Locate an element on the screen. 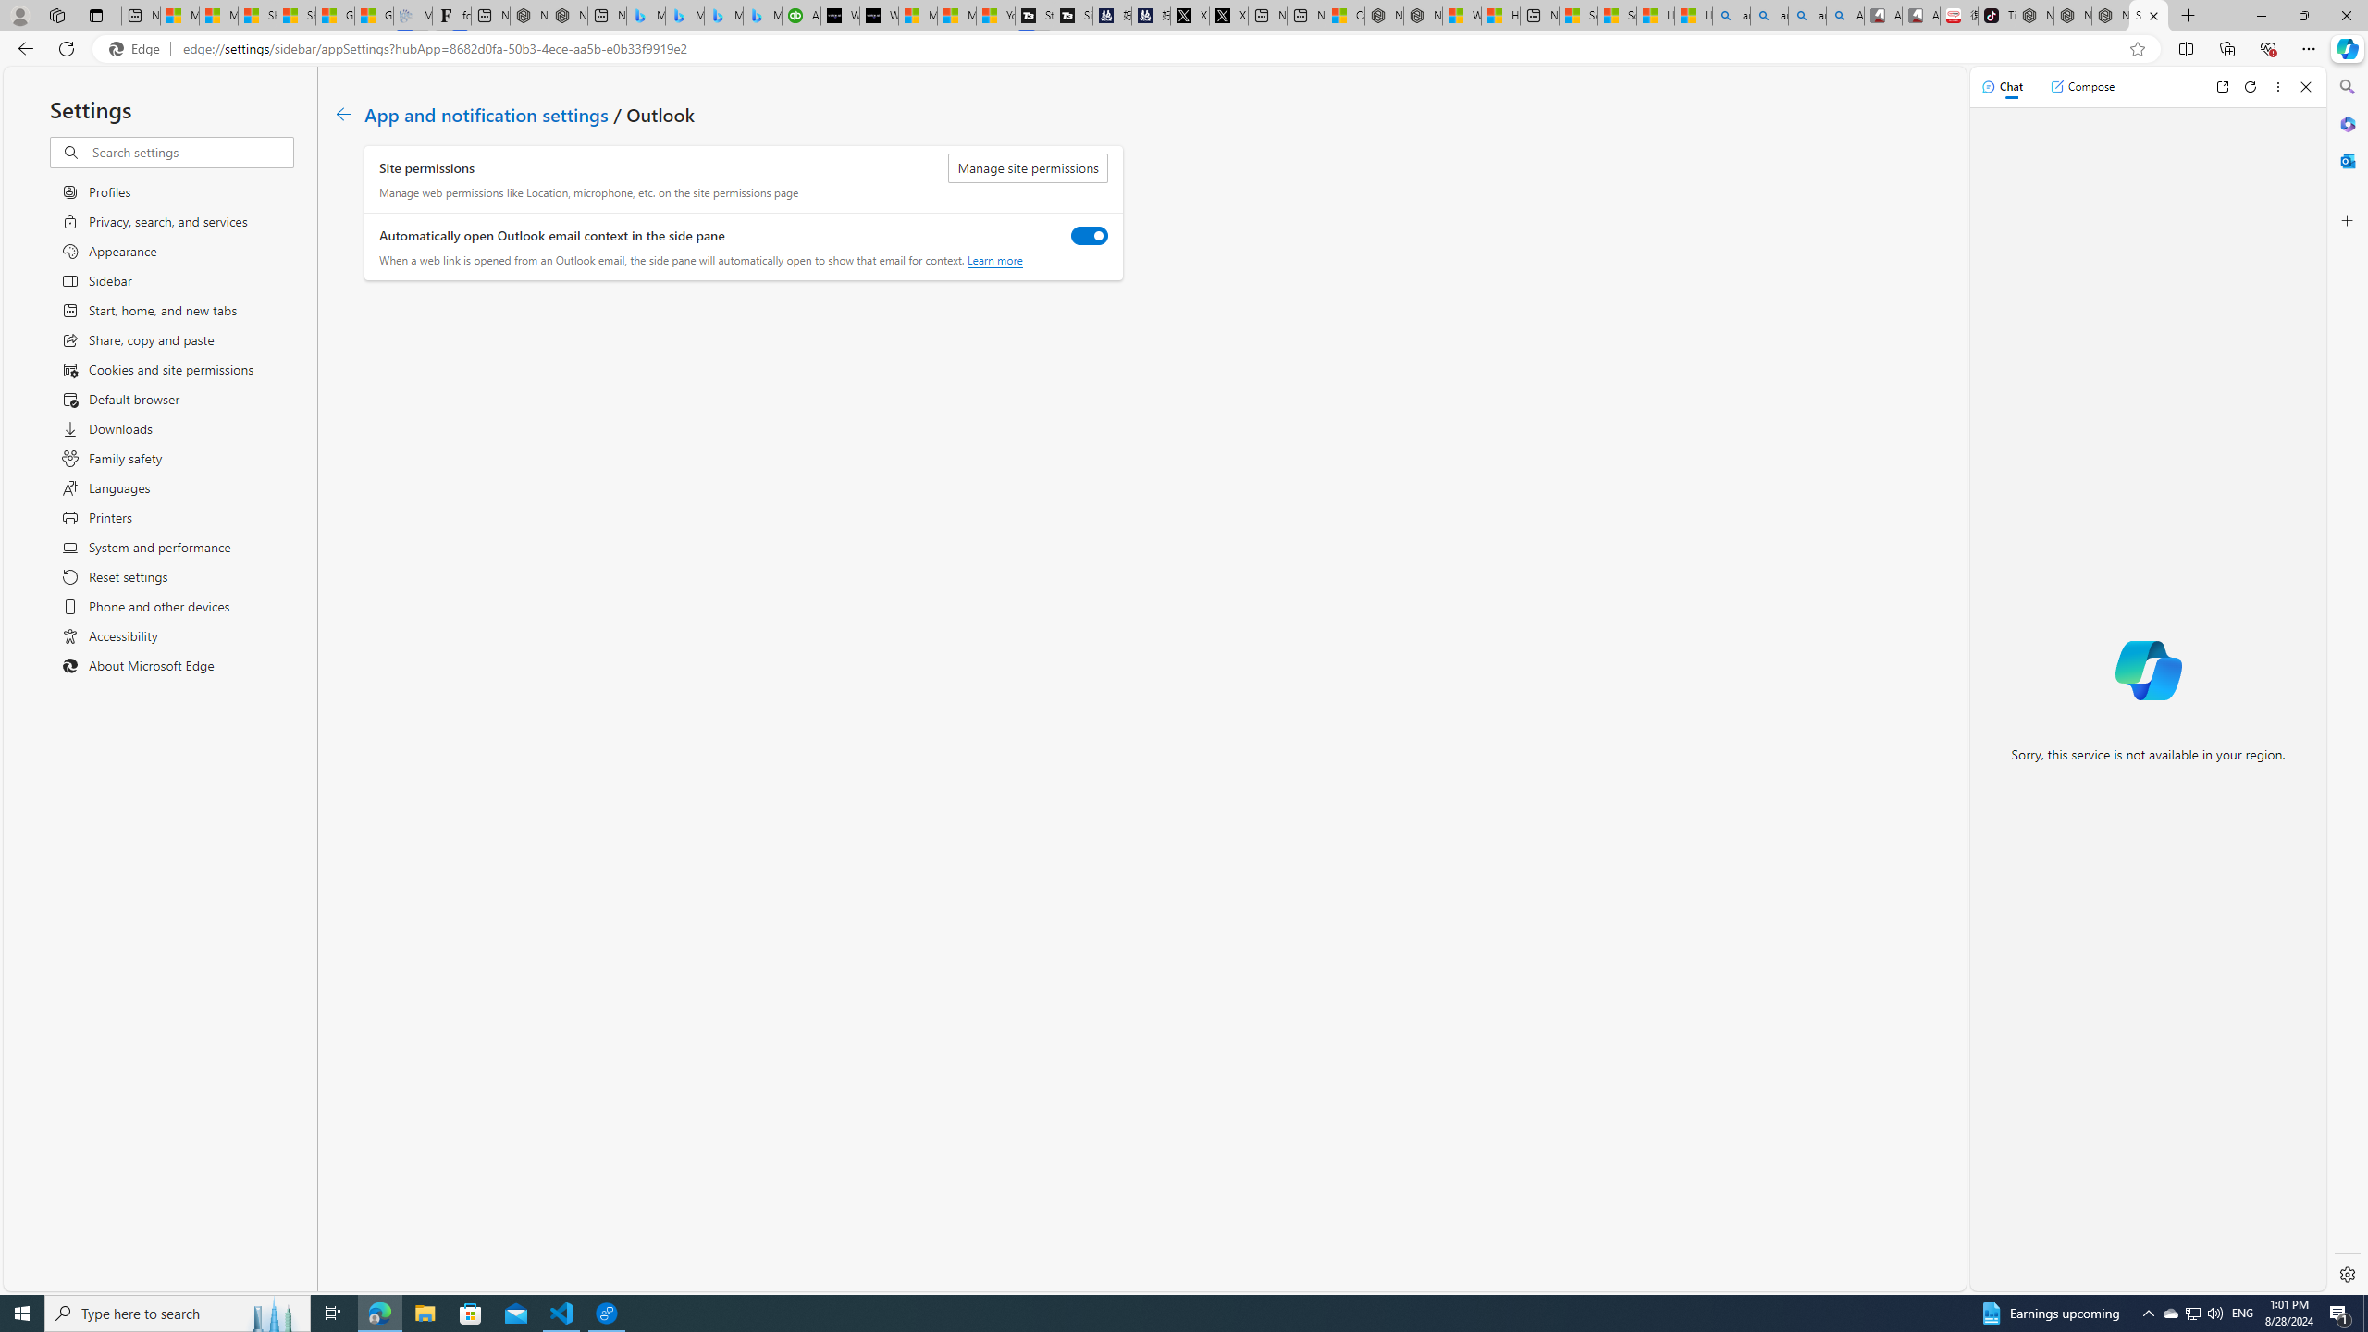 This screenshot has width=2368, height=1332. 'App and notification settings' is located at coordinates (486, 113).